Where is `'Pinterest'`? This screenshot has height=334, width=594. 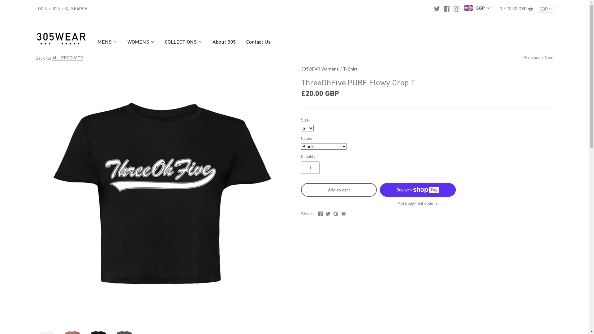 'Pinterest' is located at coordinates (333, 212).